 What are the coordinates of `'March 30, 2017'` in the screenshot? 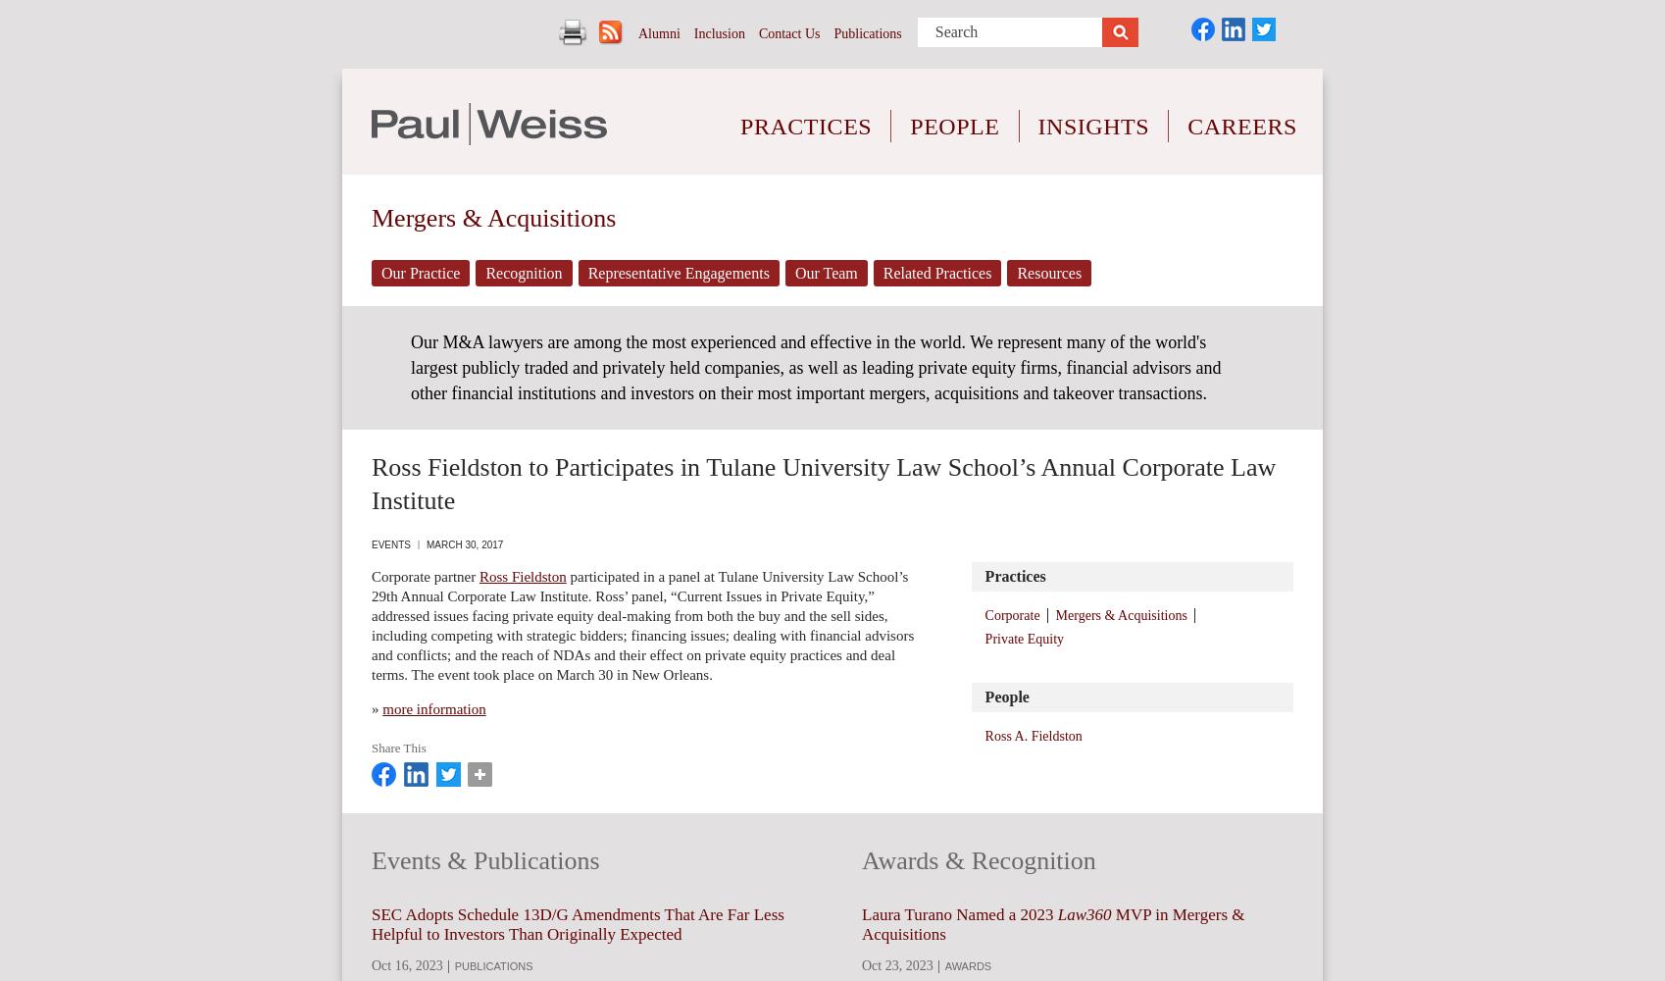 It's located at (464, 544).